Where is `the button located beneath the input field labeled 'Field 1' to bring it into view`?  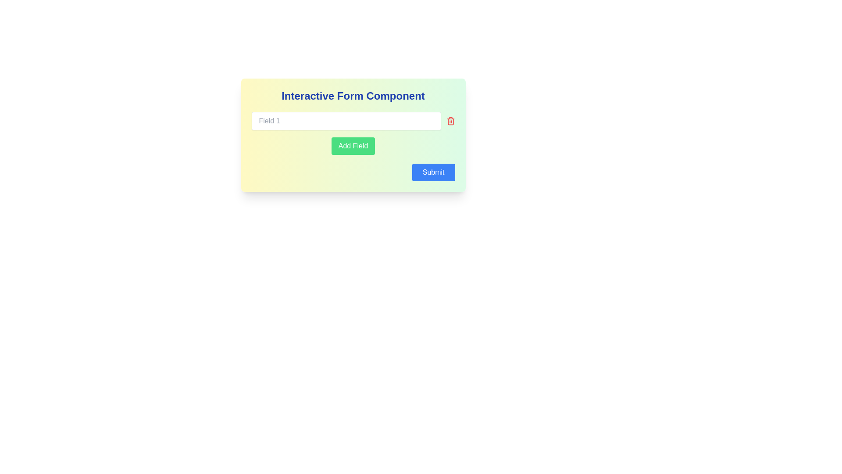
the button located beneath the input field labeled 'Field 1' to bring it into view is located at coordinates (353, 145).